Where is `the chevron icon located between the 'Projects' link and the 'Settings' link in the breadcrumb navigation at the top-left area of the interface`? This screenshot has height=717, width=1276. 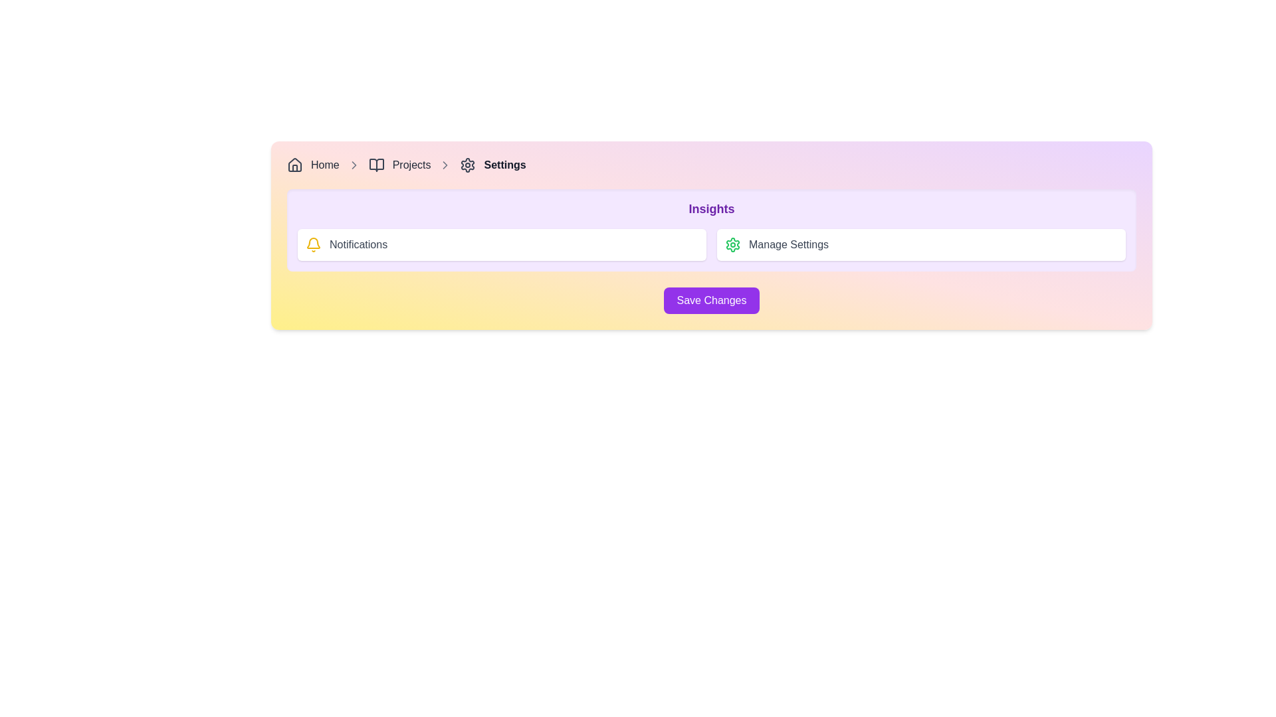 the chevron icon located between the 'Projects' link and the 'Settings' link in the breadcrumb navigation at the top-left area of the interface is located at coordinates (445, 165).